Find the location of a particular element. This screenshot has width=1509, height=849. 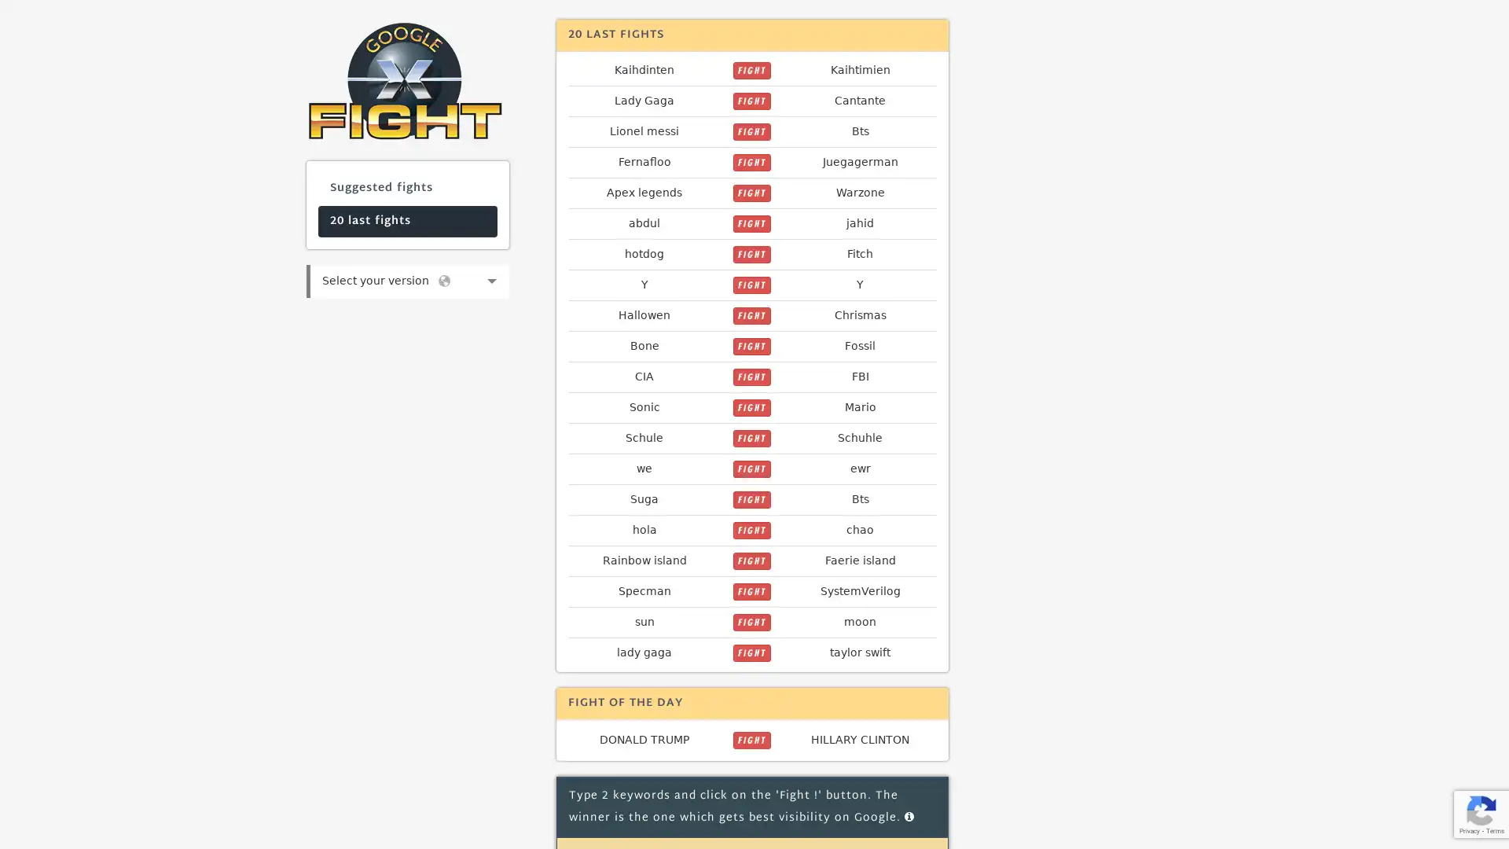

FIGHT is located at coordinates (751, 377).